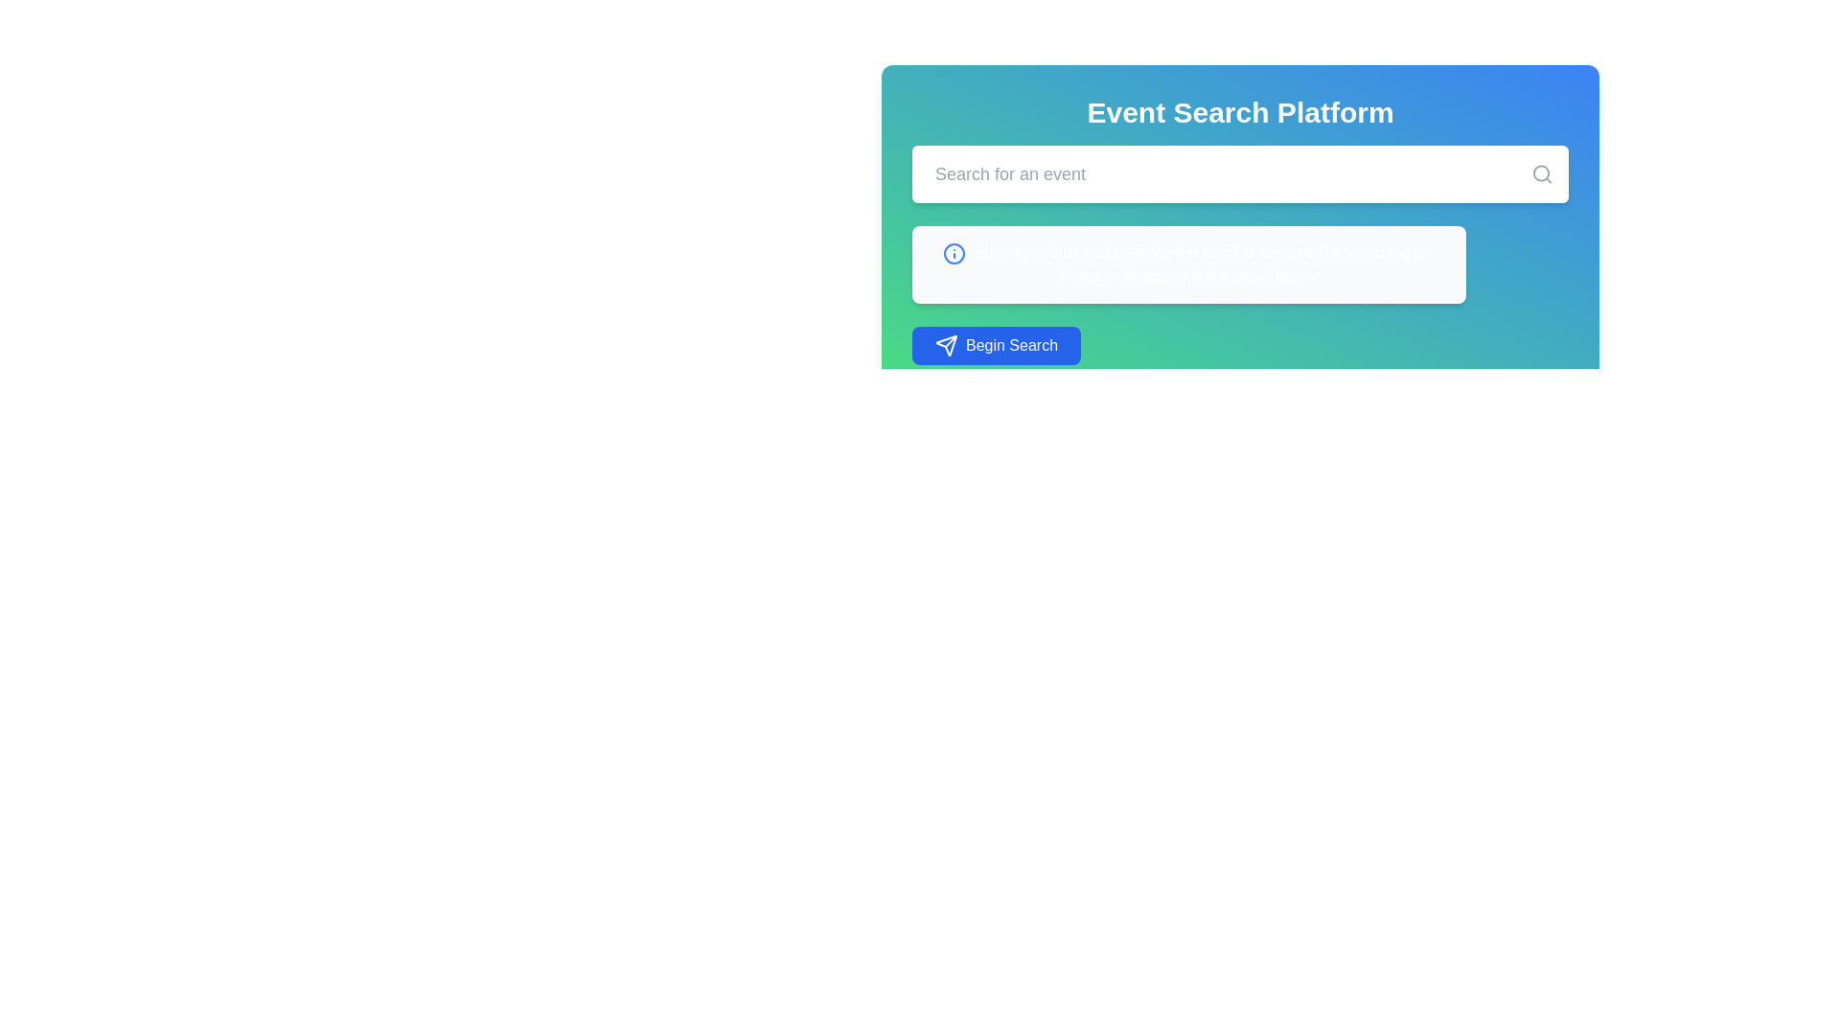  What do you see at coordinates (947, 345) in the screenshot?
I see `the graphical representation of the send action icon, which is a triangular shape with thin stroke lines, located within the 'Begin Search' button at the bottom of the central event search panel` at bounding box center [947, 345].